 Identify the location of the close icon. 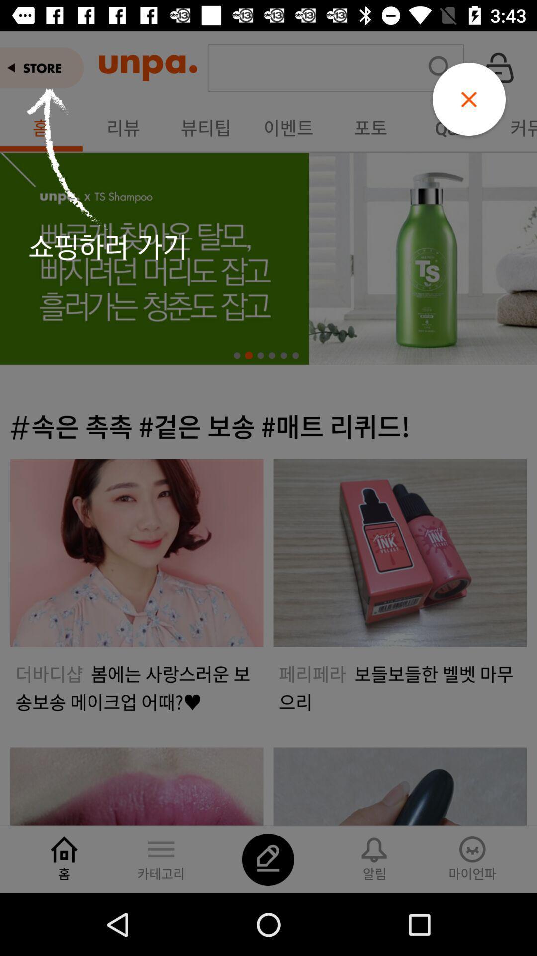
(469, 99).